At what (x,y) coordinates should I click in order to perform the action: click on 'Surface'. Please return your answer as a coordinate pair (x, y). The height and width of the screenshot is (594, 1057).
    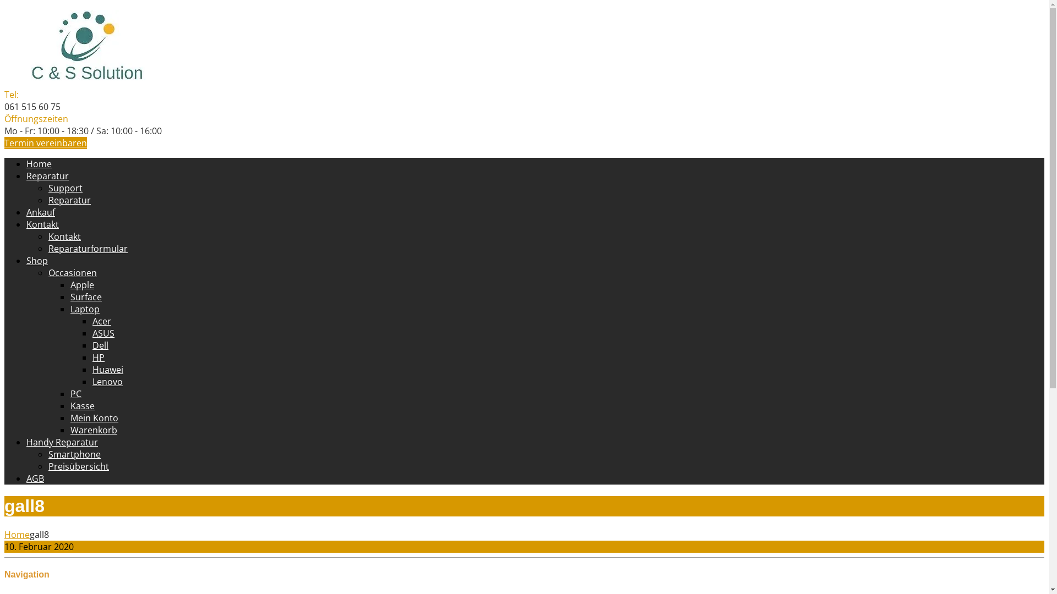
    Looking at the image, I should click on (85, 297).